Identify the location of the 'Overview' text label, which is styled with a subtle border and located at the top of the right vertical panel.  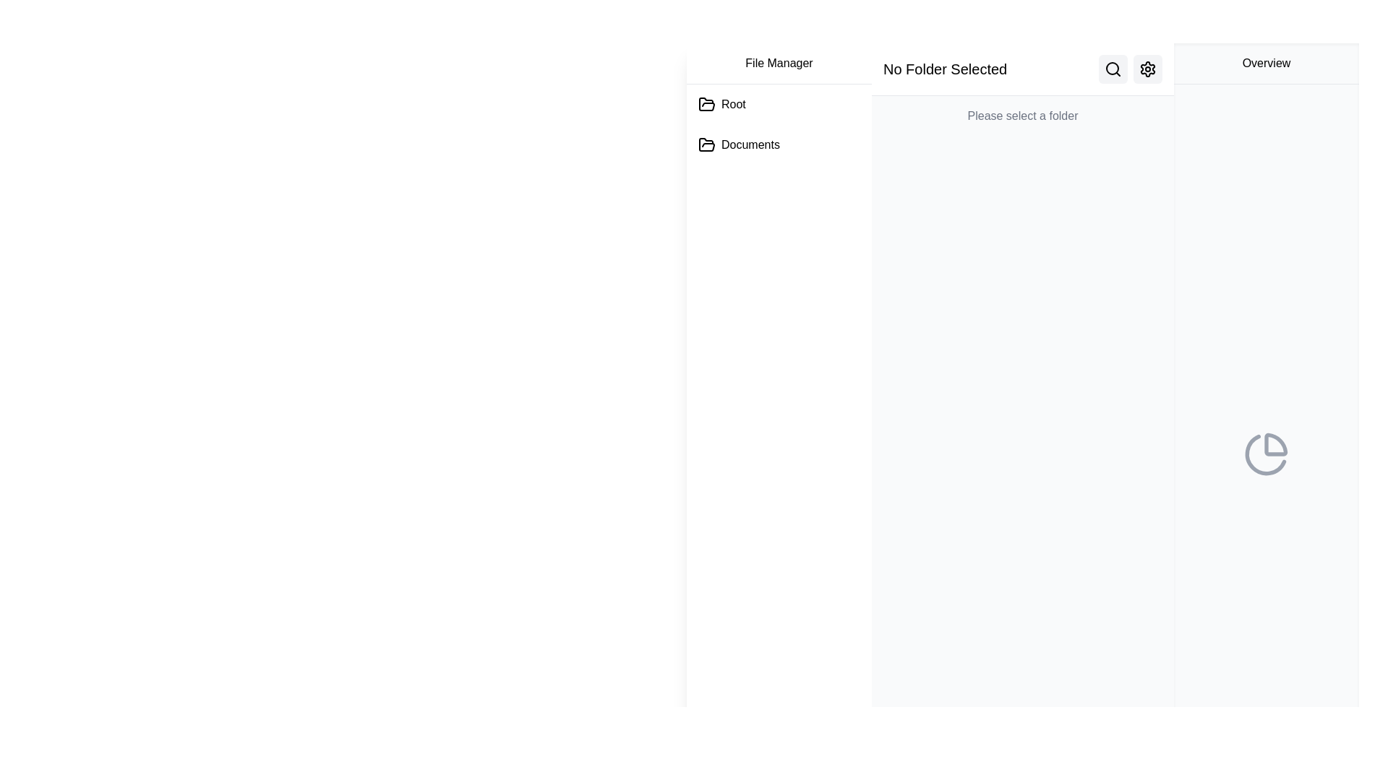
(1266, 63).